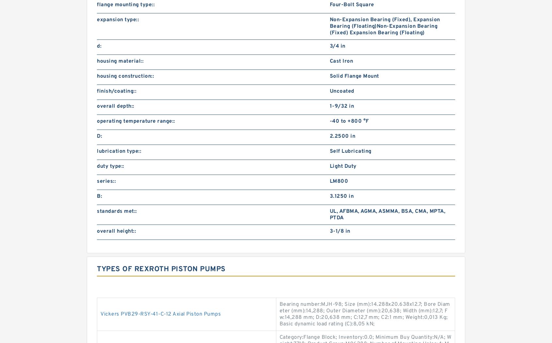 The height and width of the screenshot is (343, 552). What do you see at coordinates (337, 46) in the screenshot?
I see `'3/4 in'` at bounding box center [337, 46].